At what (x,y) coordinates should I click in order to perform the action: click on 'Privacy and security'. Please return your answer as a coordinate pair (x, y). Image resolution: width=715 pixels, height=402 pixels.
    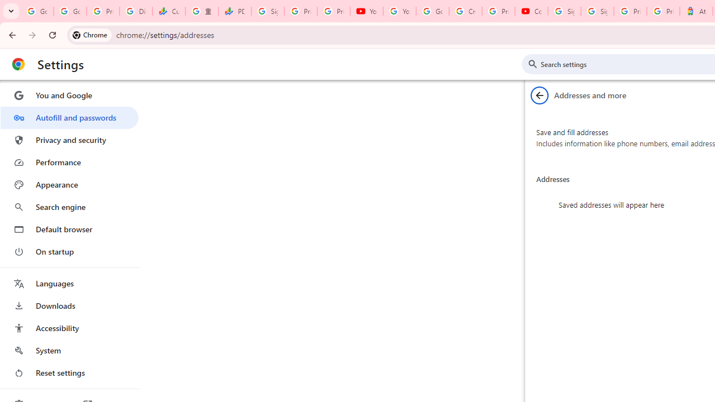
    Looking at the image, I should click on (69, 139).